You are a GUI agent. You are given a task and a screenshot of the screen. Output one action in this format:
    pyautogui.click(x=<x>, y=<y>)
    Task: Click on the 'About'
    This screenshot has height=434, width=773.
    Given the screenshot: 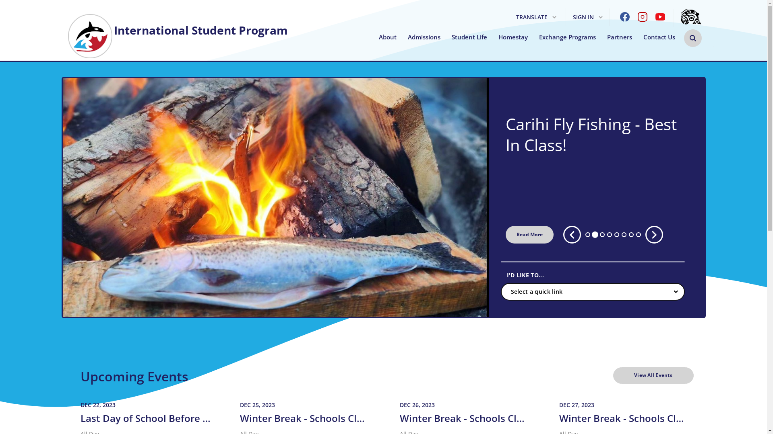 What is the action you would take?
    pyautogui.click(x=387, y=37)
    